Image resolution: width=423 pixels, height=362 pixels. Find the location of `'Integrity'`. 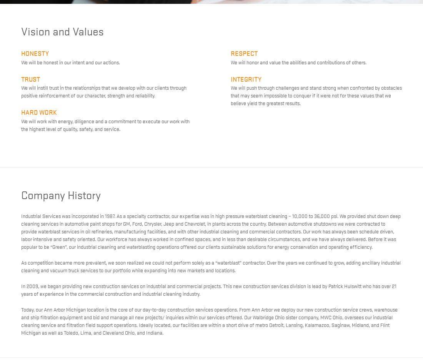

'Integrity' is located at coordinates (230, 78).